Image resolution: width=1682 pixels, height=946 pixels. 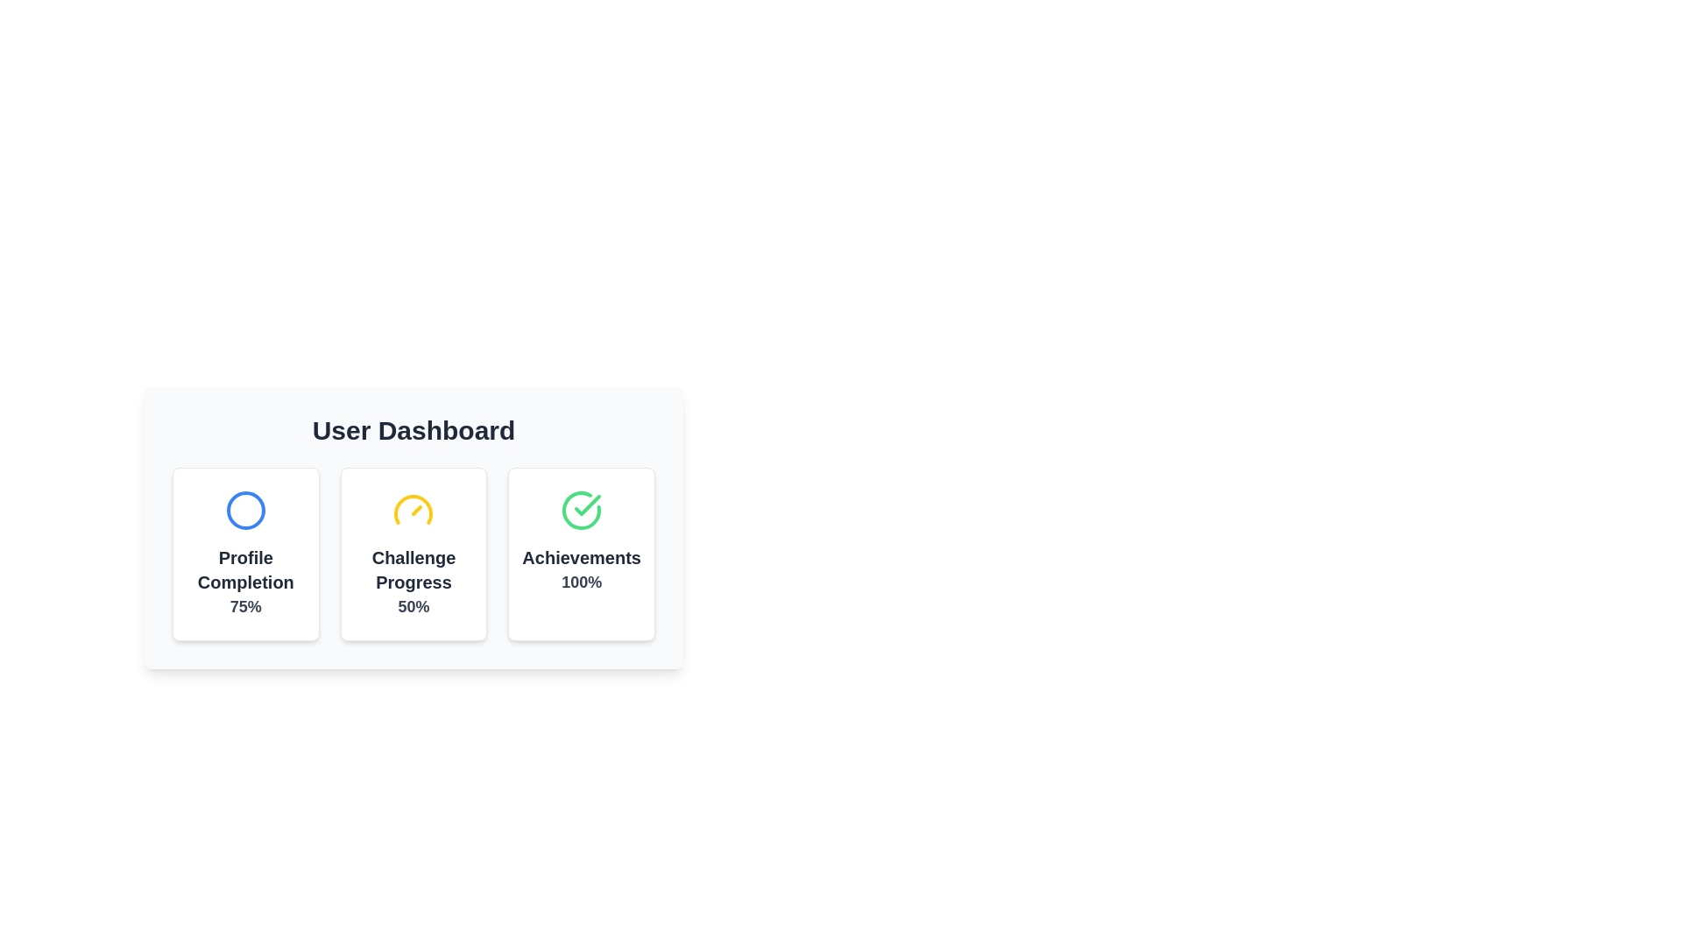 What do you see at coordinates (413, 510) in the screenshot?
I see `the progress status icon located in the Challenge Progress section of the User Dashboard` at bounding box center [413, 510].